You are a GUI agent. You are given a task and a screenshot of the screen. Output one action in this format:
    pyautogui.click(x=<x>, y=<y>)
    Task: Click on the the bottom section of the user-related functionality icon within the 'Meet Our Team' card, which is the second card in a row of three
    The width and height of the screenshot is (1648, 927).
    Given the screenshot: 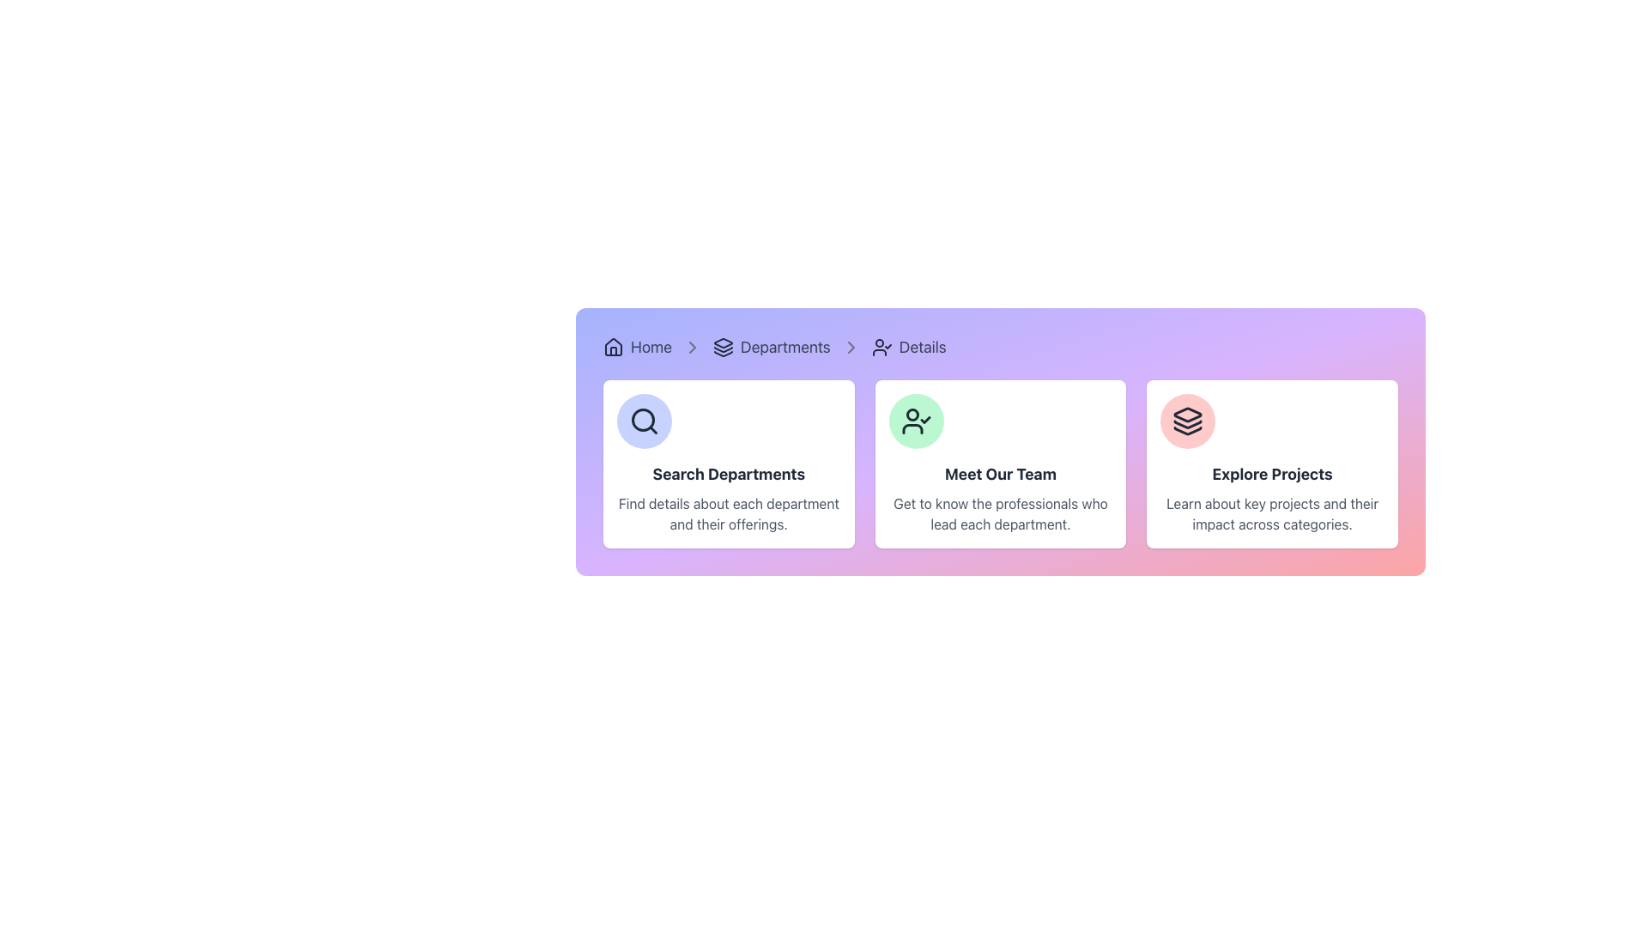 What is the action you would take?
    pyautogui.click(x=912, y=428)
    